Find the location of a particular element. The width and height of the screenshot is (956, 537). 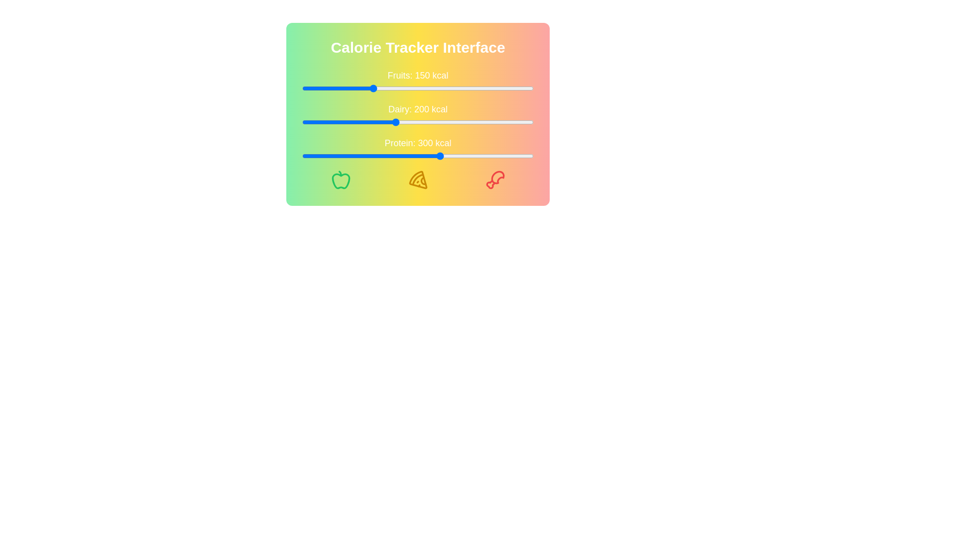

the calorie slider for 'Fruits' to 62 kcal is located at coordinates (331, 88).